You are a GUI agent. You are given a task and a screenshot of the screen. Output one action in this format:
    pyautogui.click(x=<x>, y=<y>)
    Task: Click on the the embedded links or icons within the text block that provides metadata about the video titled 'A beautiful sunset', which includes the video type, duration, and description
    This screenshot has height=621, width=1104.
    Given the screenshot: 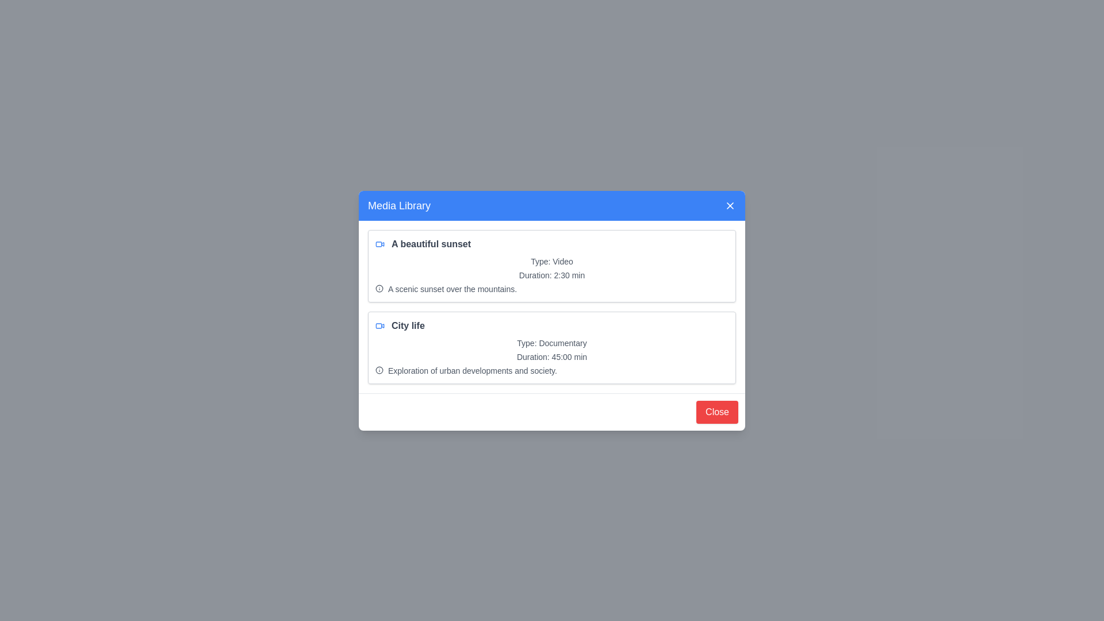 What is the action you would take?
    pyautogui.click(x=552, y=275)
    